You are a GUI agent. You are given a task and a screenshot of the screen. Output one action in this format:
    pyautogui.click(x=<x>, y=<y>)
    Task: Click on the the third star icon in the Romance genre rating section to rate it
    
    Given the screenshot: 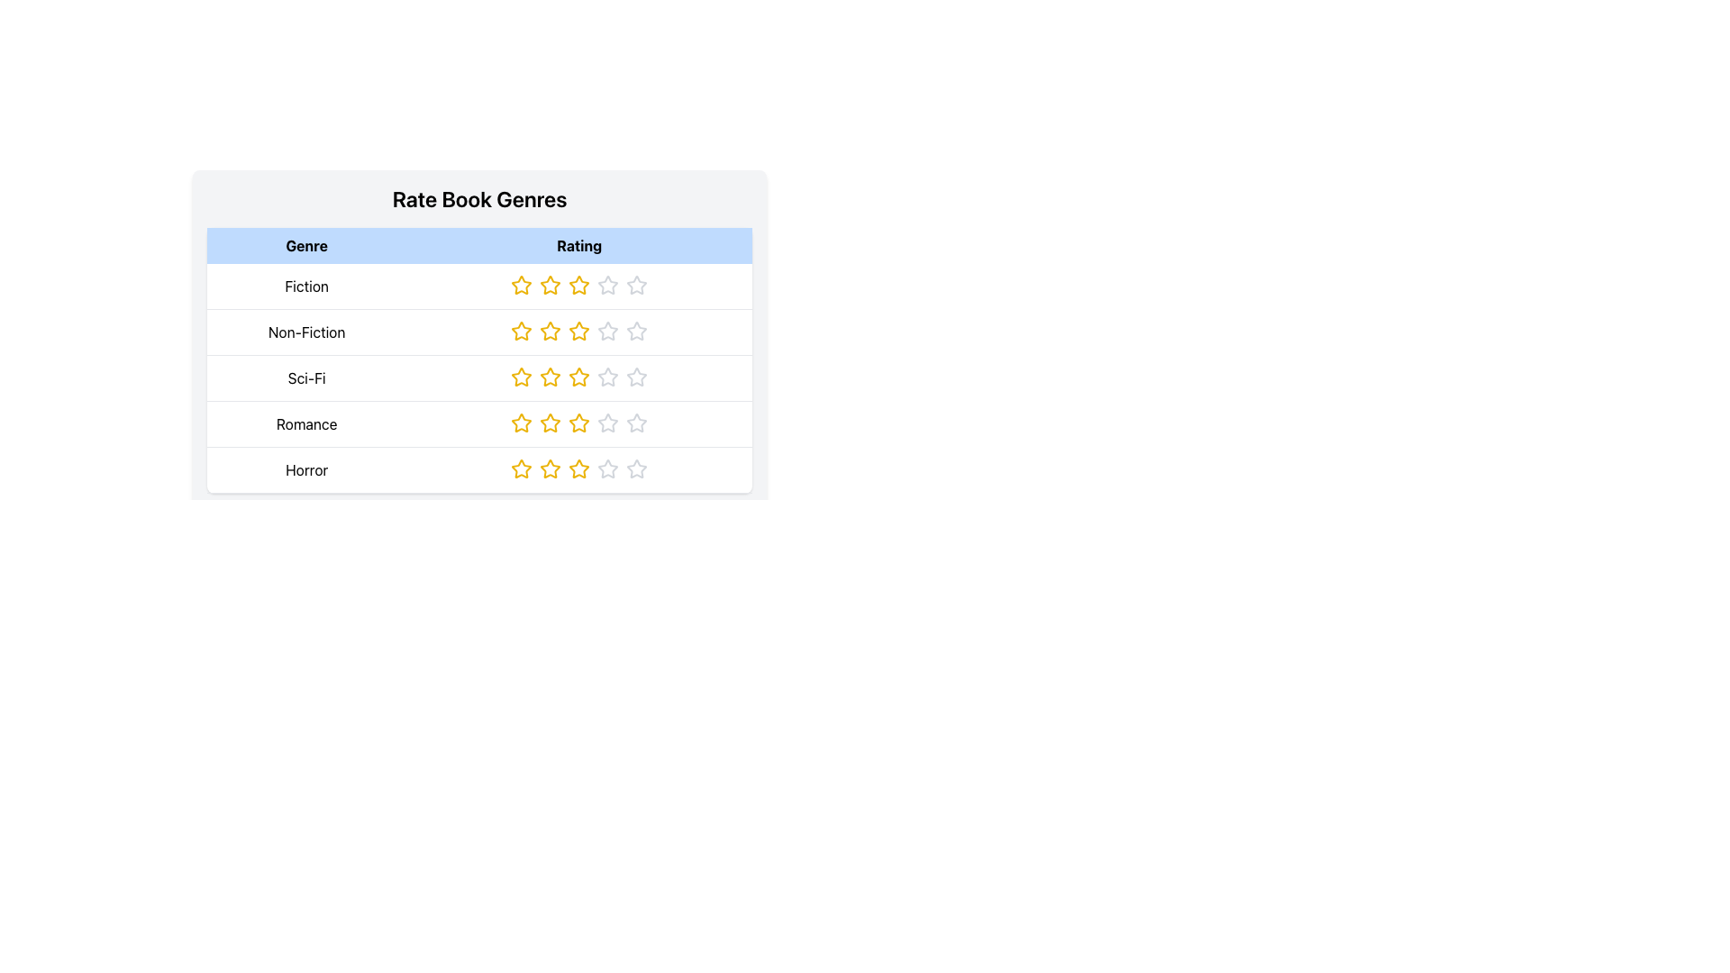 What is the action you would take?
    pyautogui.click(x=550, y=423)
    